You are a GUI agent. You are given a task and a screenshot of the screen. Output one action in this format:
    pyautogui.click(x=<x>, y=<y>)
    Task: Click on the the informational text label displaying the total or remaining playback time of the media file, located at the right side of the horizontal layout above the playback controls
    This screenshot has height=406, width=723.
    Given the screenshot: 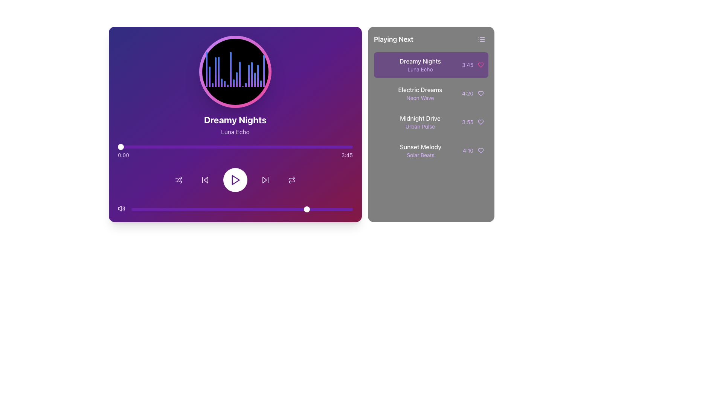 What is the action you would take?
    pyautogui.click(x=346, y=155)
    